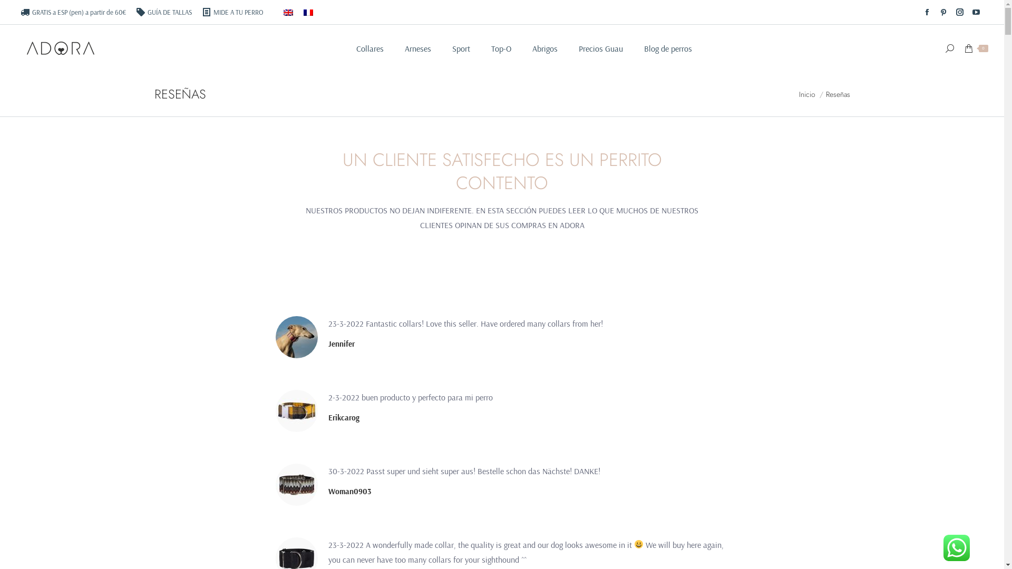  I want to click on 'Ir!', so click(515, 311).